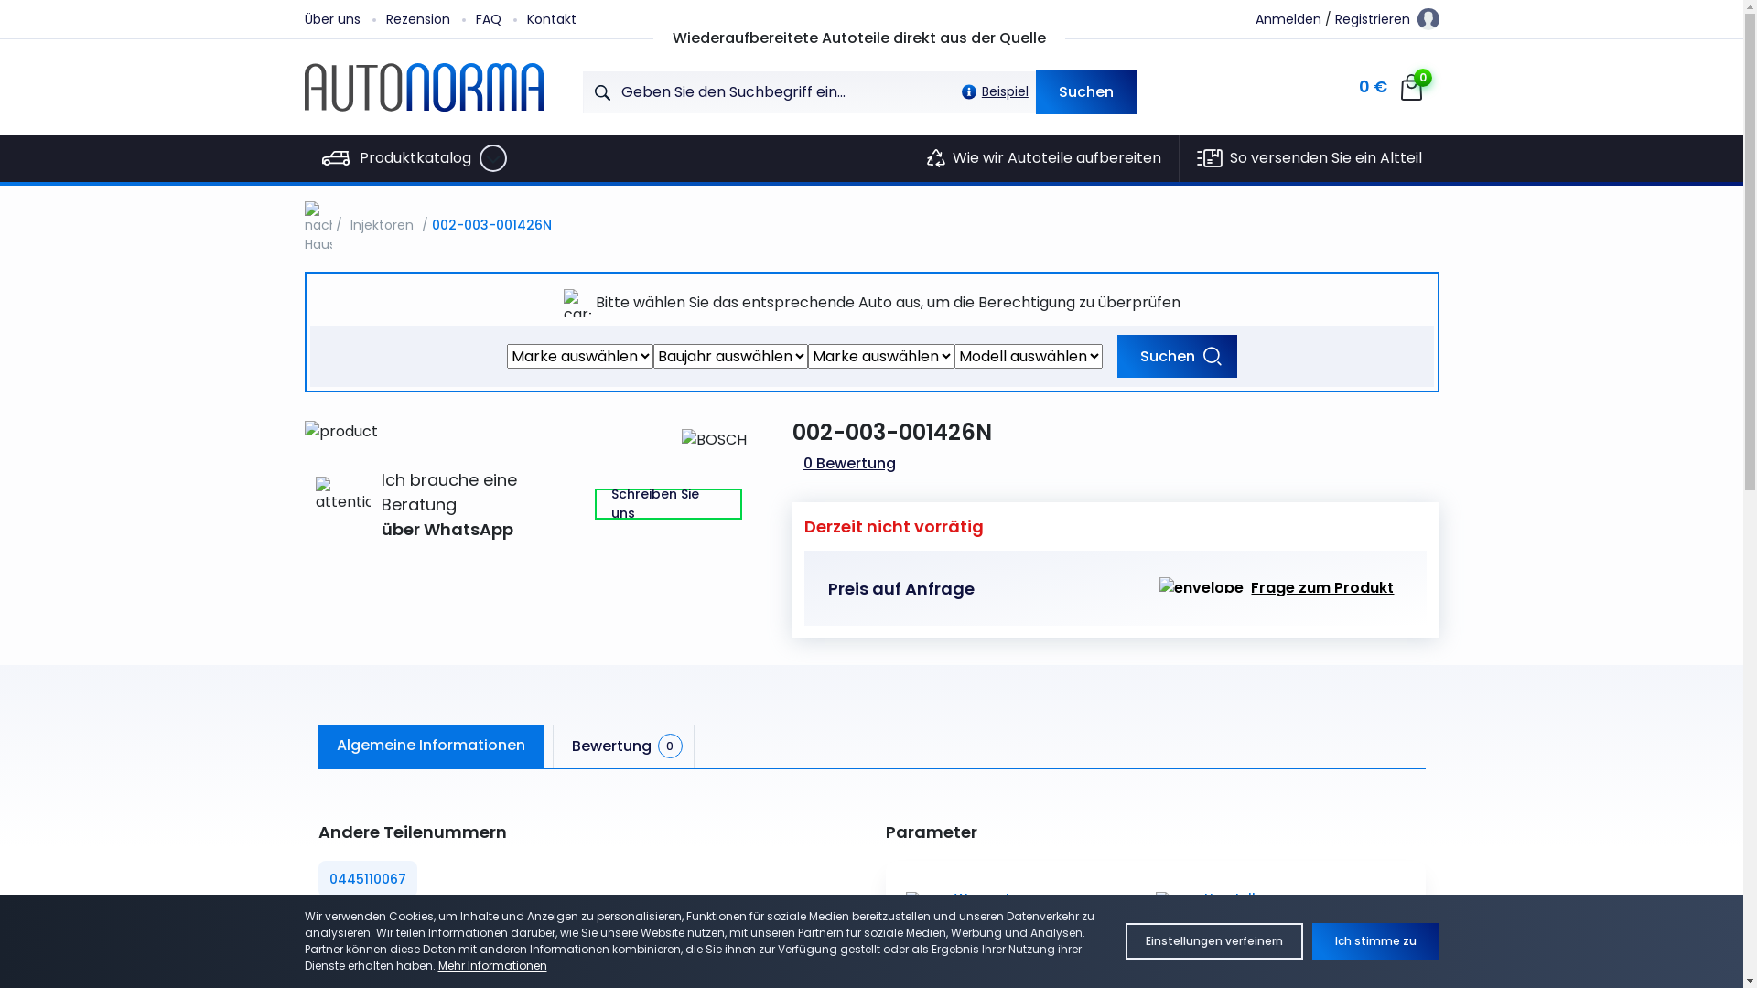 The height and width of the screenshot is (988, 1757). What do you see at coordinates (381, 224) in the screenshot?
I see `'Injektoren'` at bounding box center [381, 224].